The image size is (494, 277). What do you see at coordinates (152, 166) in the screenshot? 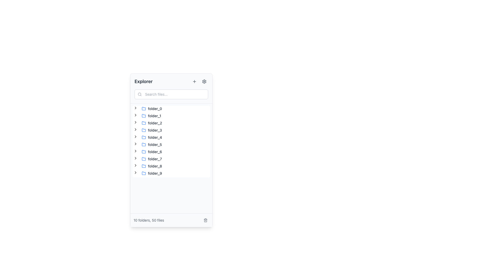
I see `the folder item labeled 'folder_8' in the file explorer for re-positioning or organization` at bounding box center [152, 166].